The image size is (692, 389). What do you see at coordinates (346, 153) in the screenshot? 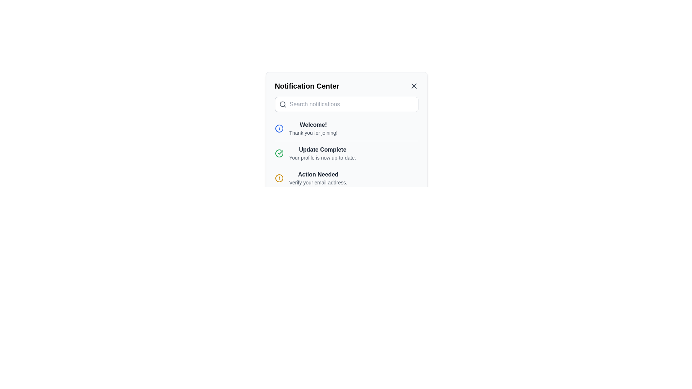
I see `the informational notification entry located between 'Welcome! Thank you for joining!' and 'Action Needed Verify your email address'` at bounding box center [346, 153].